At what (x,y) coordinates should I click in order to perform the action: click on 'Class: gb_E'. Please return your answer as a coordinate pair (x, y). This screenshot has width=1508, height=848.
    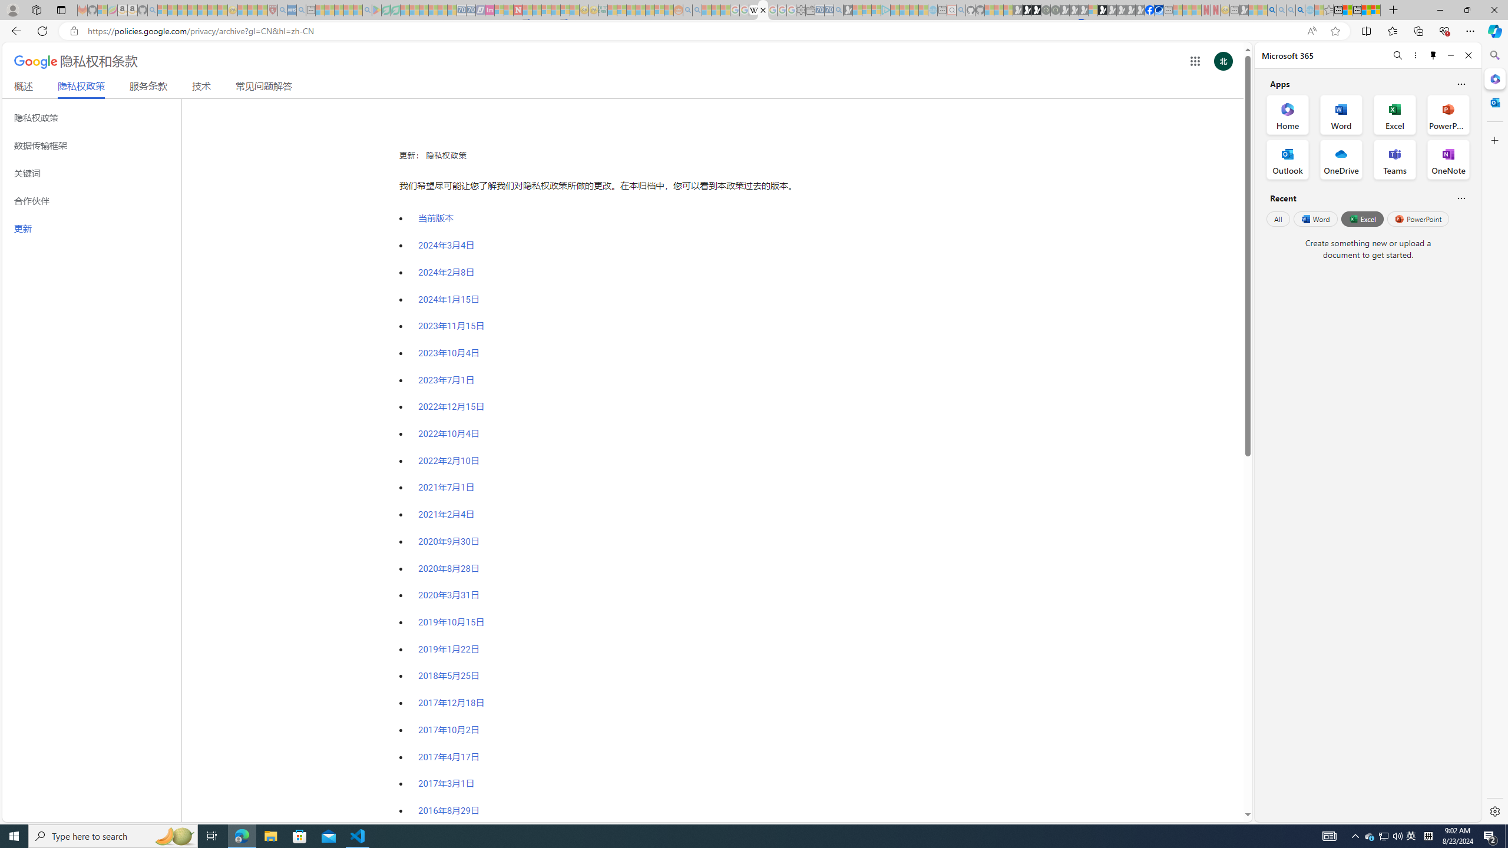
    Looking at the image, I should click on (1194, 61).